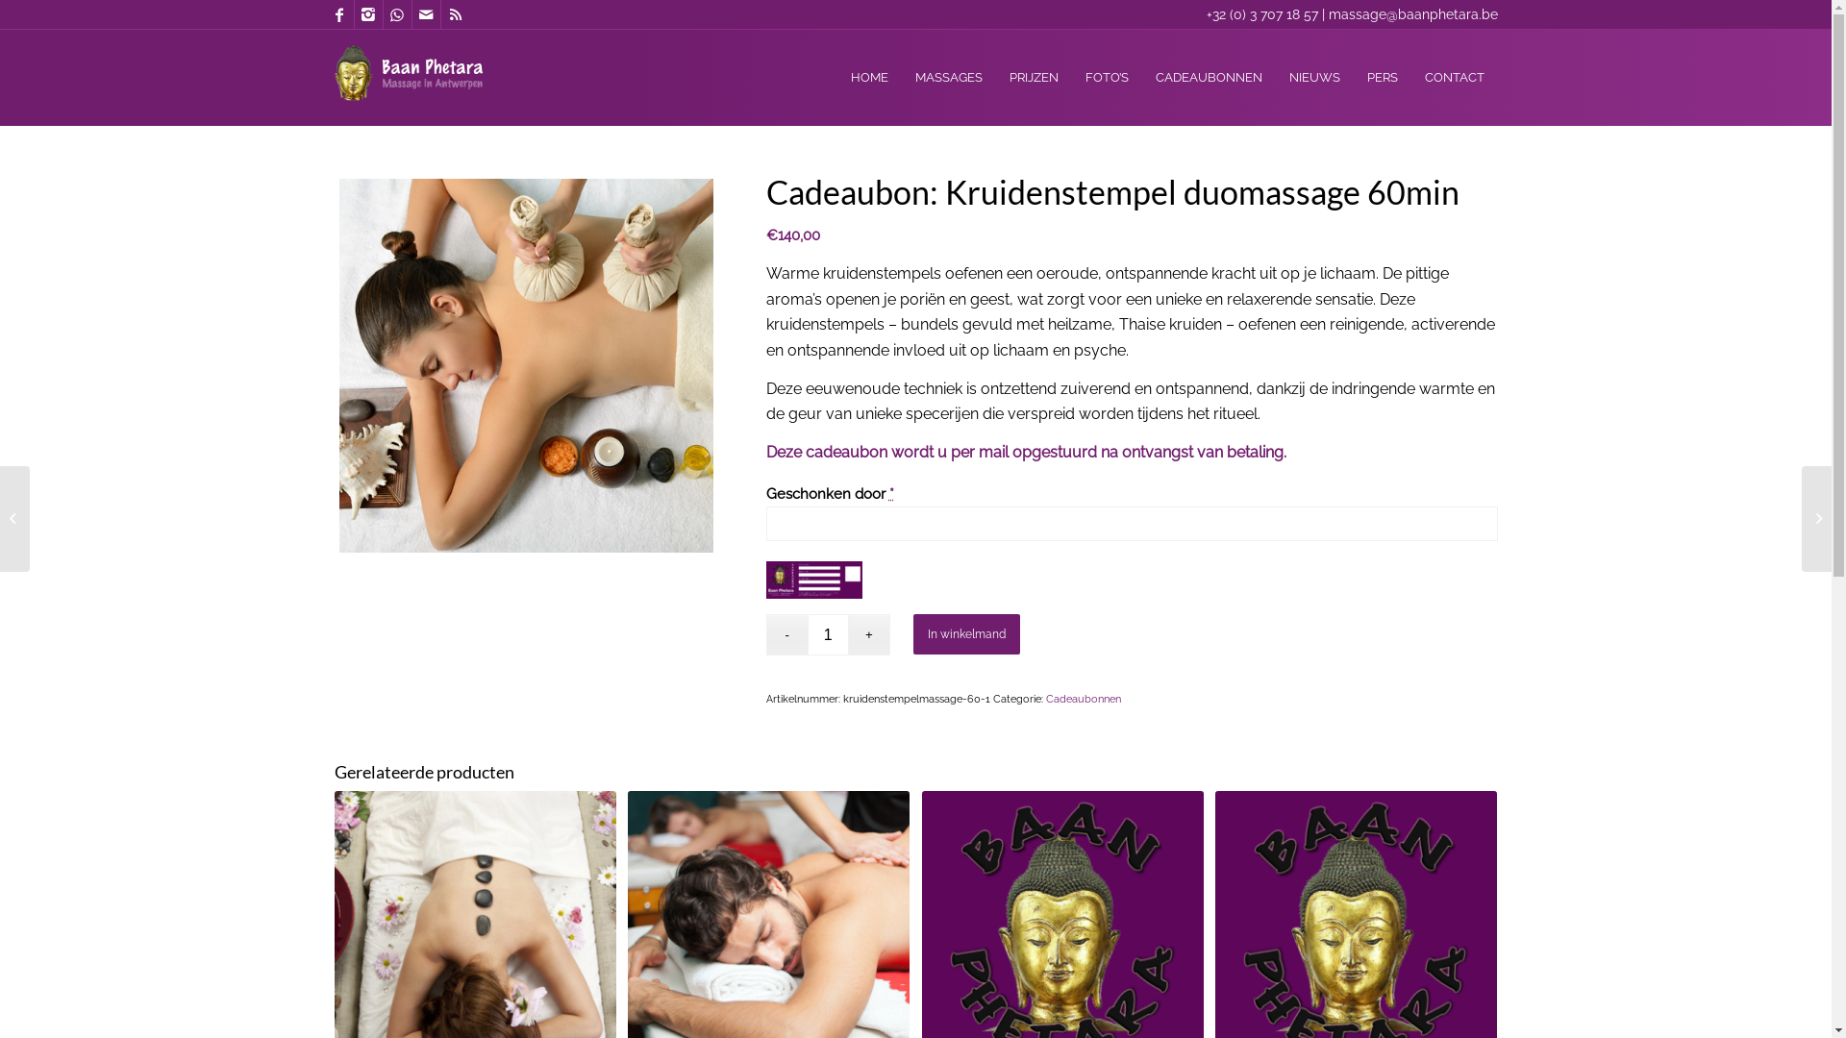 This screenshot has width=1846, height=1038. Describe the element at coordinates (1312, 77) in the screenshot. I see `'NIEUWS'` at that location.